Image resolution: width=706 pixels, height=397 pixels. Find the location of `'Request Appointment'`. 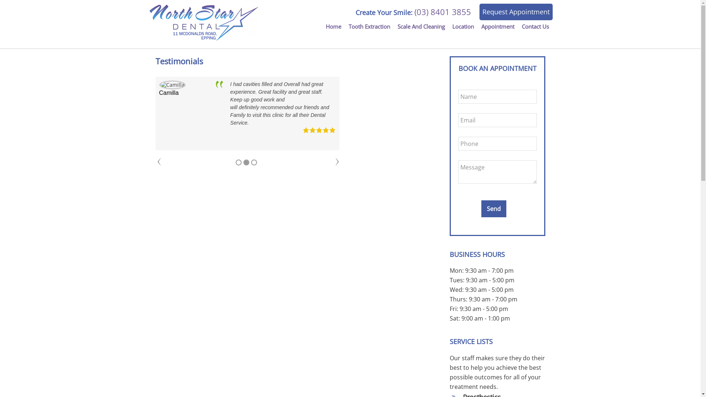

'Request Appointment' is located at coordinates (516, 12).